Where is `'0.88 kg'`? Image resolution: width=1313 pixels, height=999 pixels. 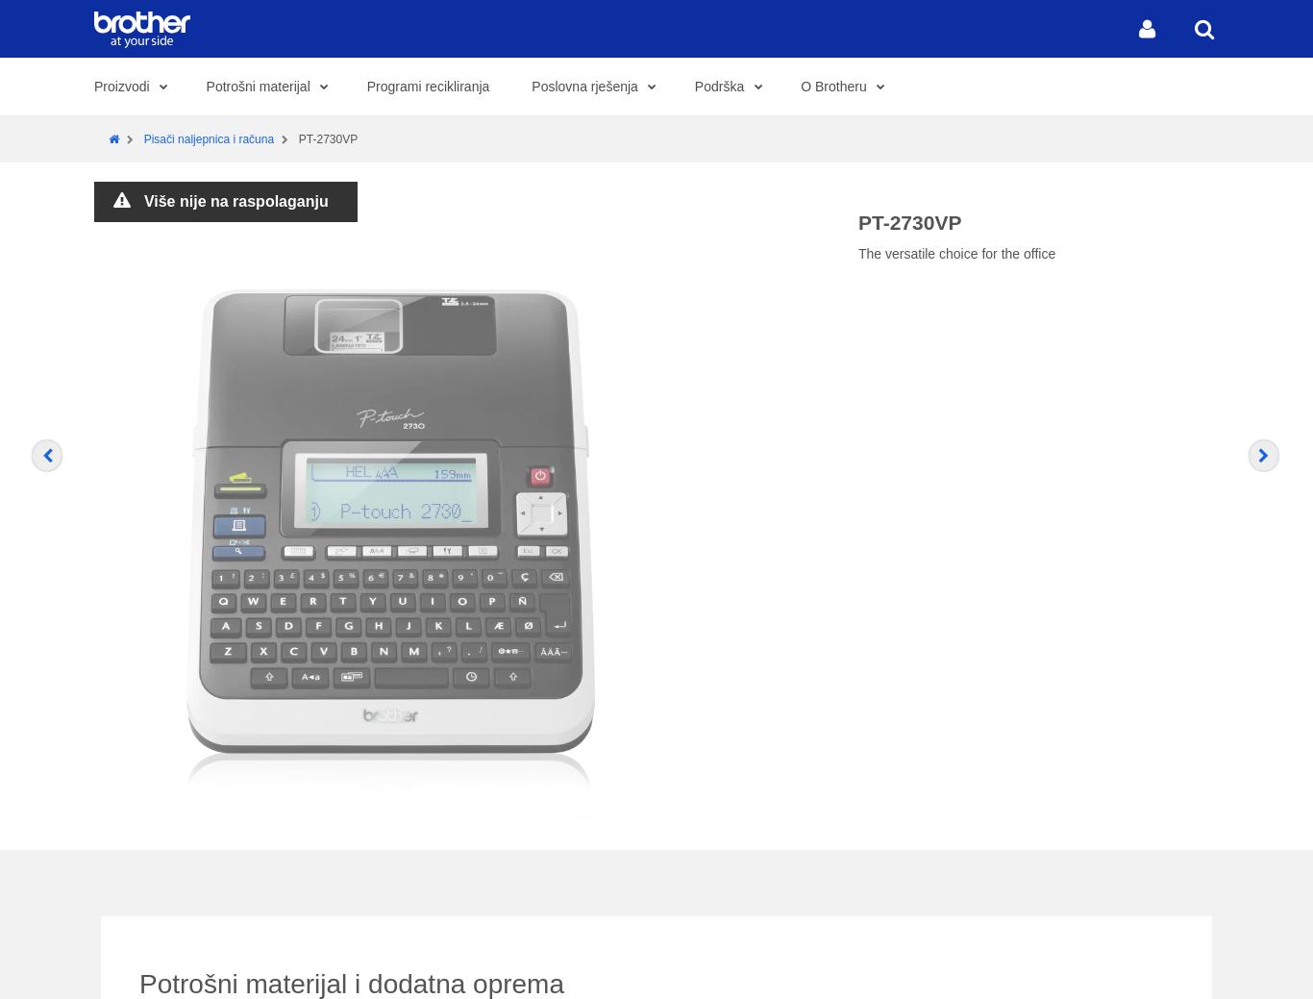
'0.88 kg' is located at coordinates (665, 242).